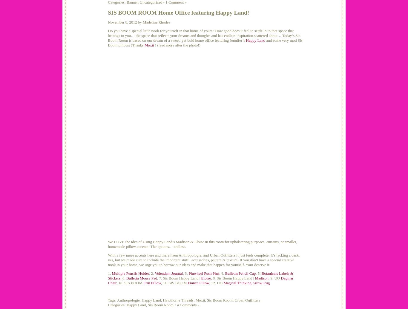 This screenshot has width=408, height=309. What do you see at coordinates (111, 273) in the screenshot?
I see `'Multiple Pencils Holder'` at bounding box center [111, 273].